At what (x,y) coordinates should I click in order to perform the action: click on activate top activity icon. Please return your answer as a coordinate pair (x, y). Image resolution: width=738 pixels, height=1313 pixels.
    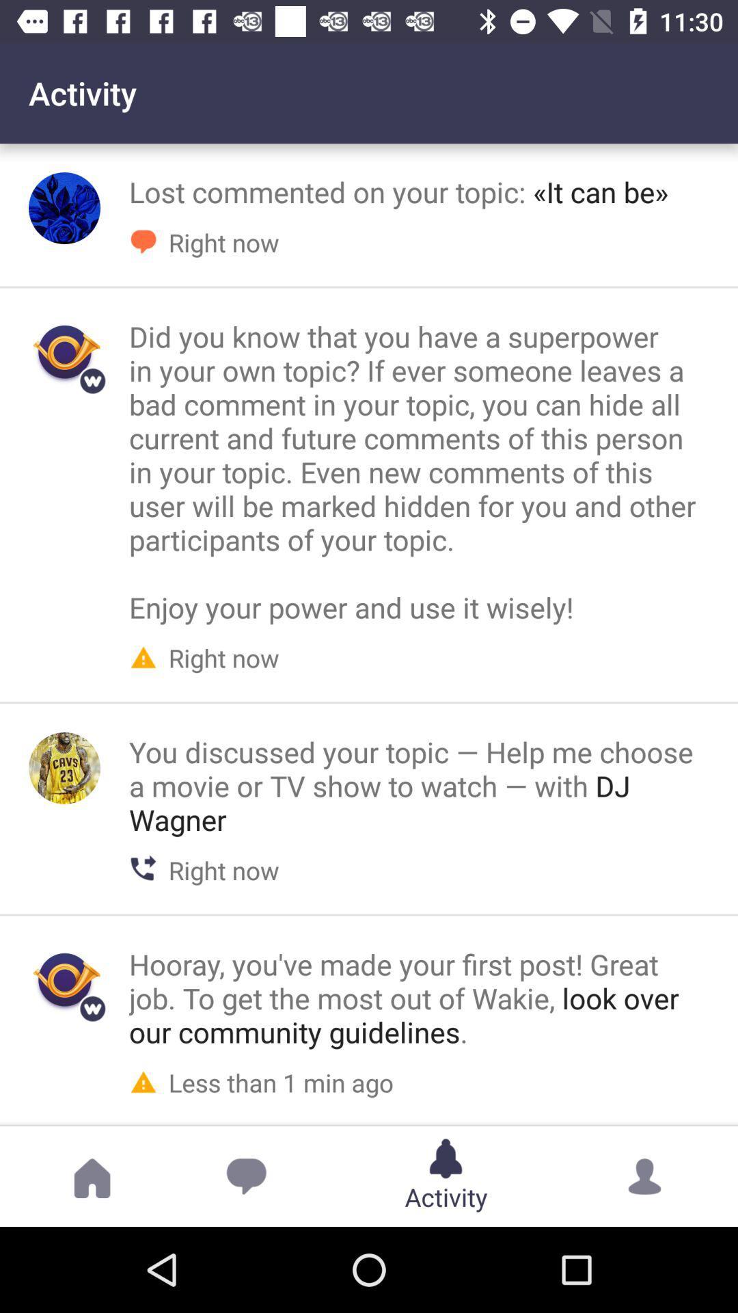
    Looking at the image, I should click on (64, 207).